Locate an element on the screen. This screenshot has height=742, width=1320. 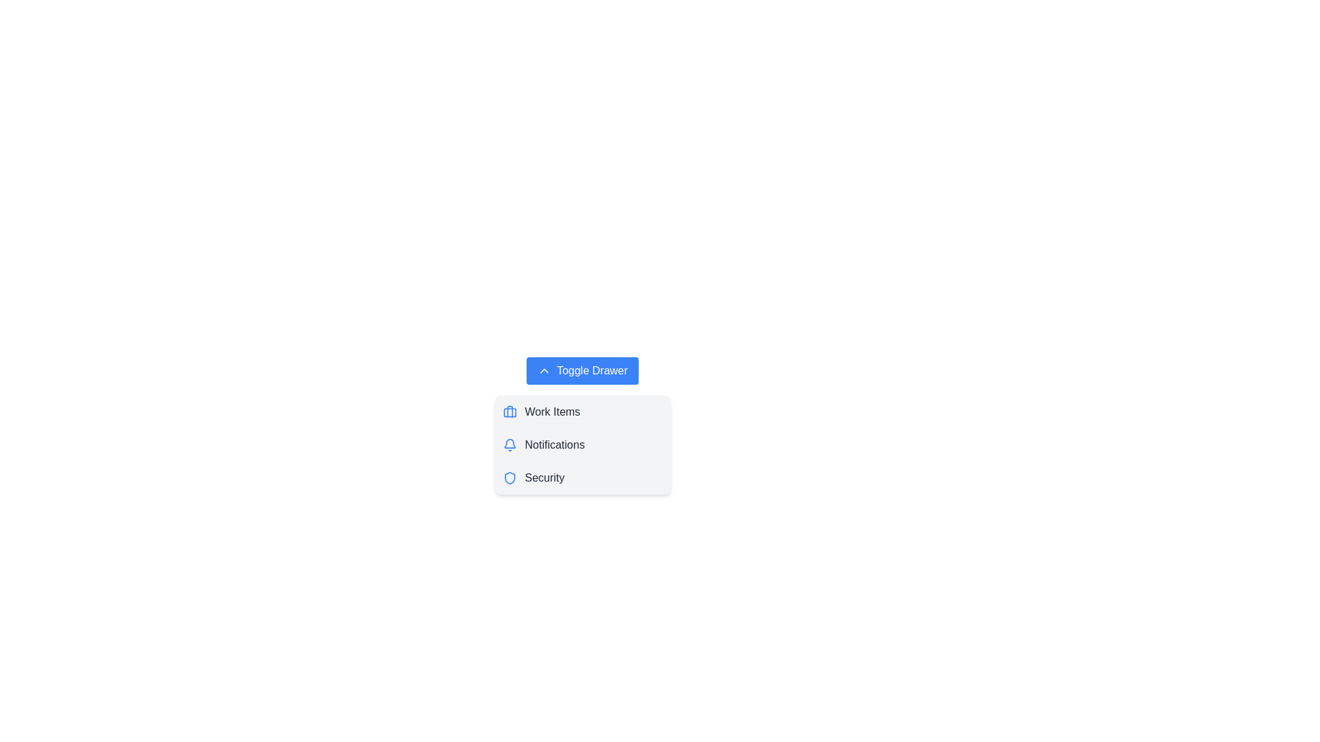
the 'Toggle Drawer' button to toggle the visibility of the drawer is located at coordinates (582, 371).